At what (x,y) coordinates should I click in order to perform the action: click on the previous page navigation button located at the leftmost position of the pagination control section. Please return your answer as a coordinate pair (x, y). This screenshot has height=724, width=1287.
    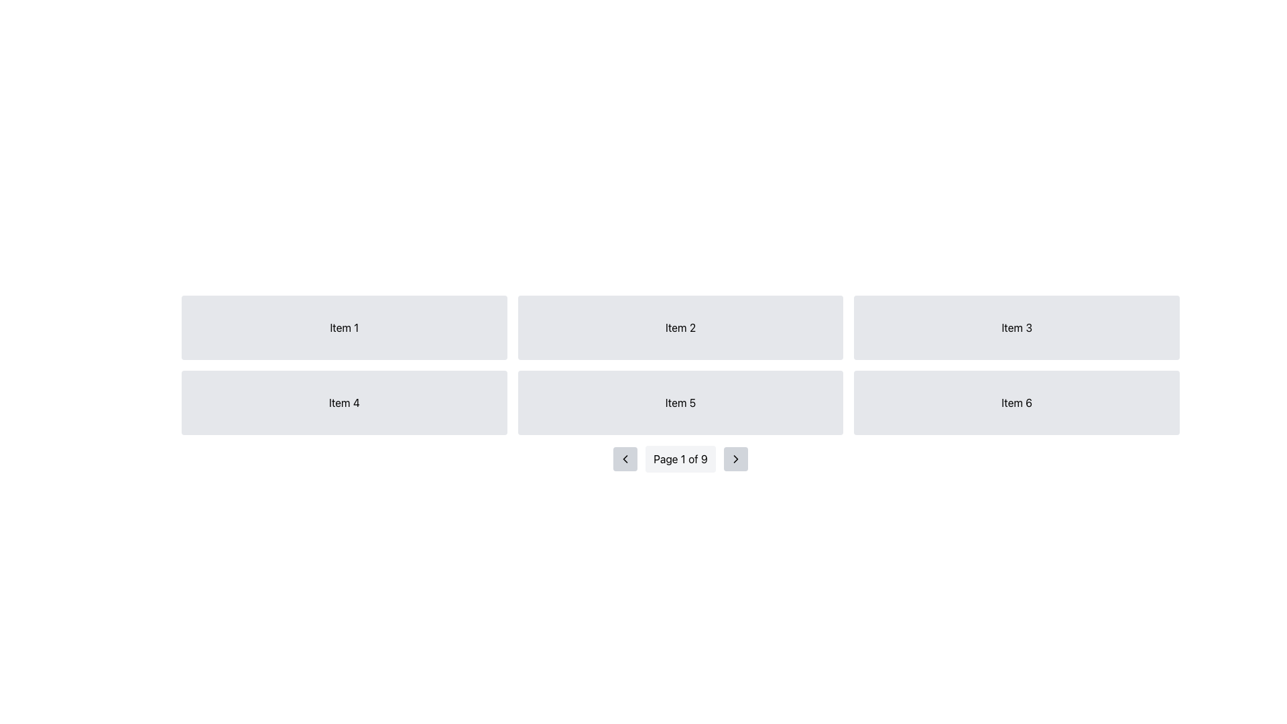
    Looking at the image, I should click on (625, 459).